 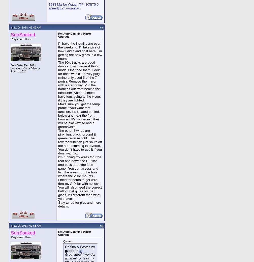 I want to click on '1983 Malibu Wagon|TPI 305|T5 5 speed|3.73 non-posi', so click(x=74, y=6).